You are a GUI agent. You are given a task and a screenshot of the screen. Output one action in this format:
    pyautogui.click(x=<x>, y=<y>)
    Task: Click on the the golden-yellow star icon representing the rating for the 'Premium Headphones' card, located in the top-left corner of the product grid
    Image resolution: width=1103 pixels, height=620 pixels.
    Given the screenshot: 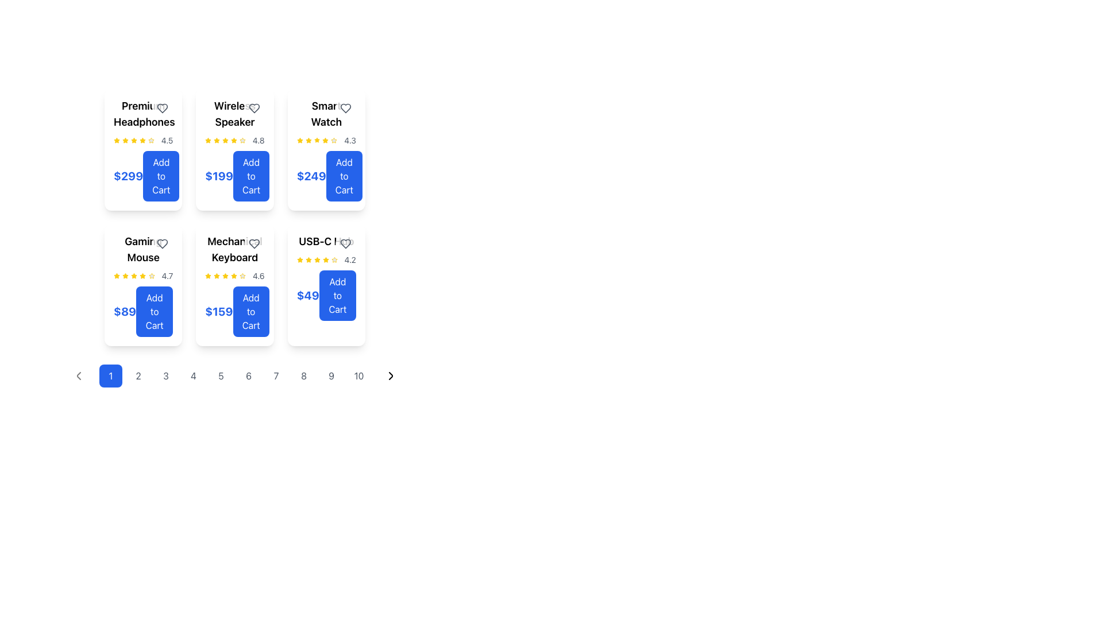 What is the action you would take?
    pyautogui.click(x=125, y=139)
    